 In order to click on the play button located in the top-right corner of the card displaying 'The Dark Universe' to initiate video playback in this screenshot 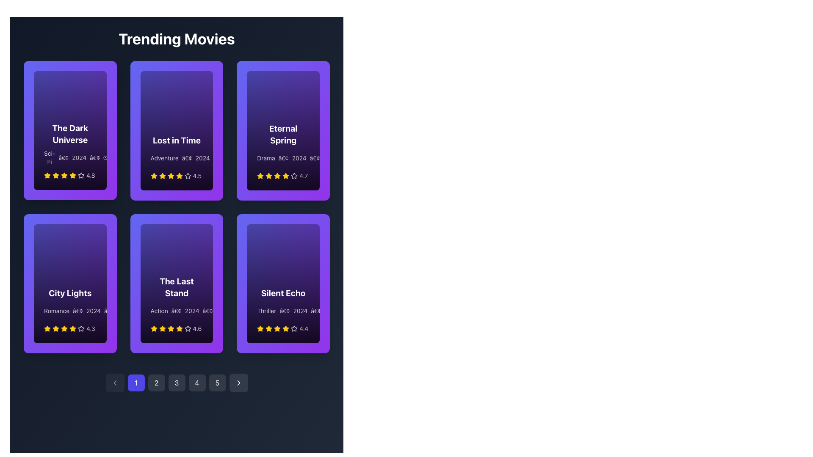, I will do `click(102, 78)`.